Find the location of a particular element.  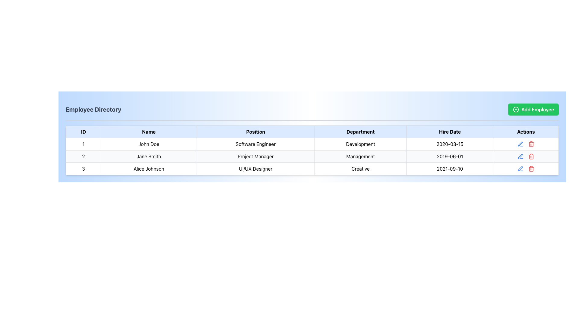

the pen-like icon graphic element in the 'Actions' column of the employee directory table for 'Alice Johnson' is located at coordinates (520, 156).